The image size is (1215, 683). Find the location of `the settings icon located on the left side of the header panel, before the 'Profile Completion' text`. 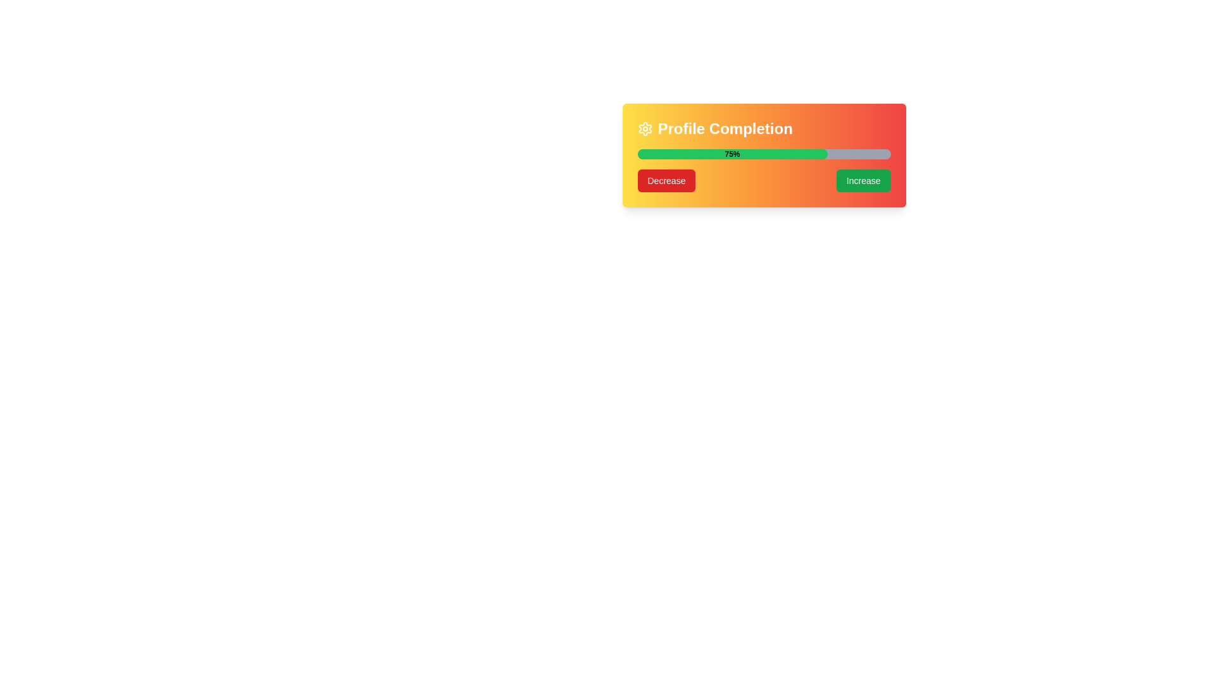

the settings icon located on the left side of the header panel, before the 'Profile Completion' text is located at coordinates (645, 129).